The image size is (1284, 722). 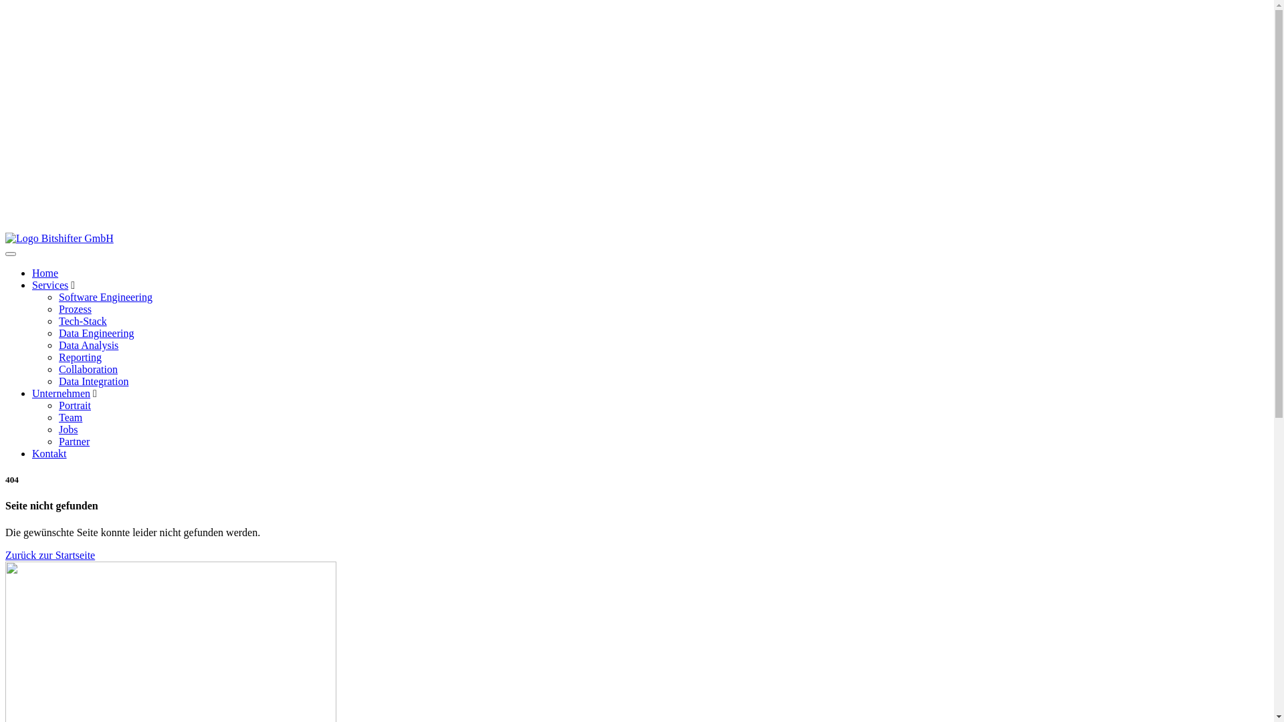 What do you see at coordinates (49, 453) in the screenshot?
I see `'Kontakt'` at bounding box center [49, 453].